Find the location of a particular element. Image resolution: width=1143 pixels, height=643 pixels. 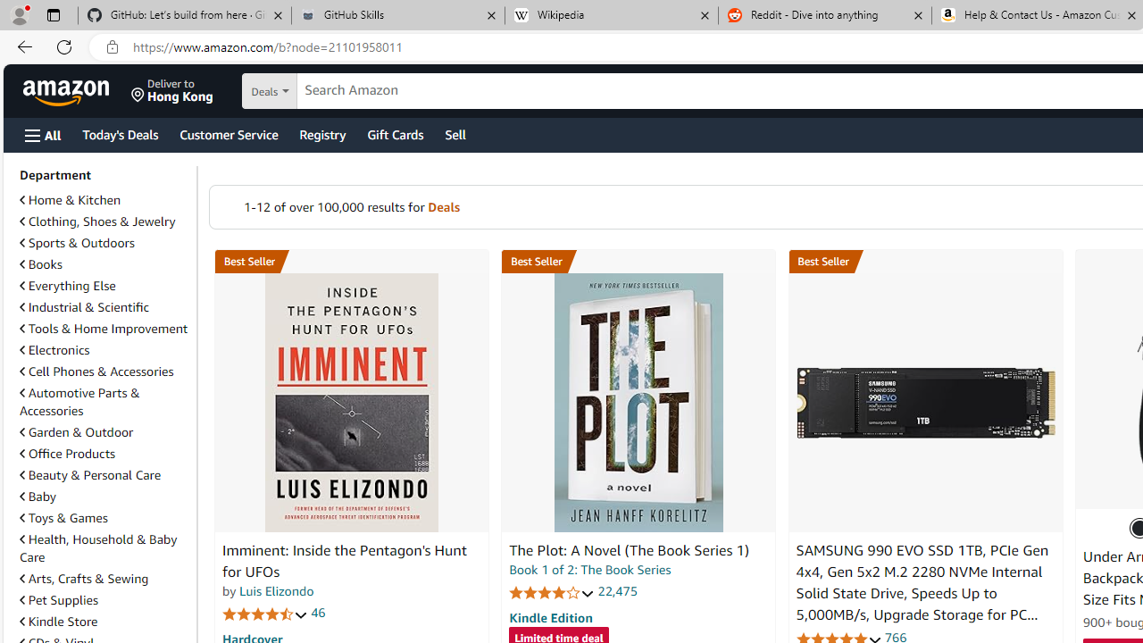

'Industrial & Scientific' is located at coordinates (104, 306).